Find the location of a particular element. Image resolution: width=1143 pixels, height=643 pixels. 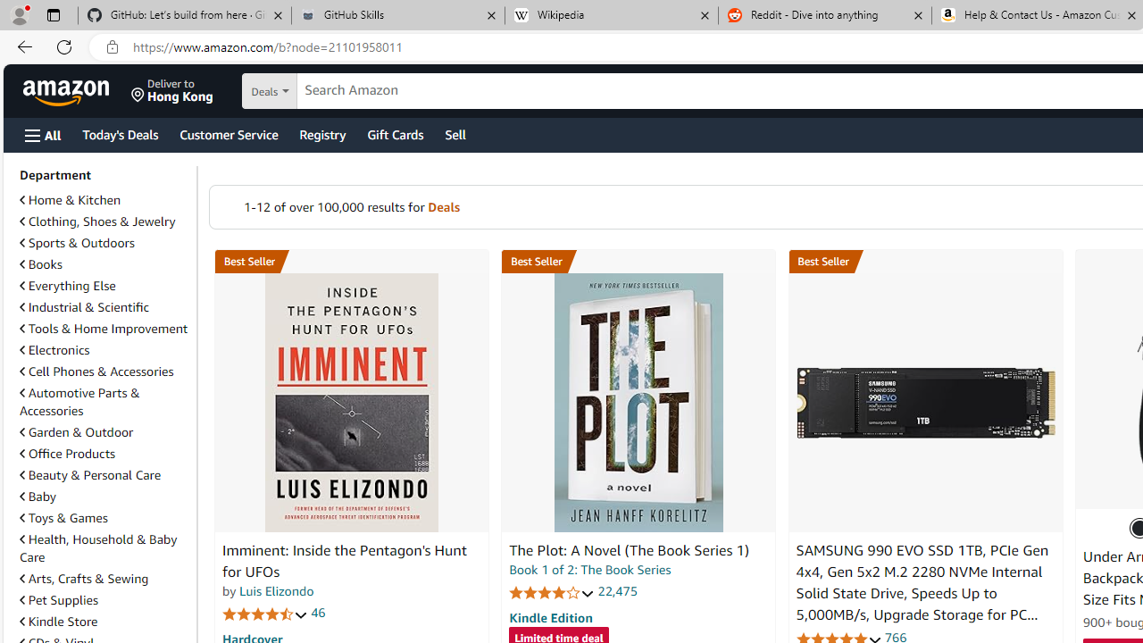

'Industrial & Scientific' is located at coordinates (104, 306).